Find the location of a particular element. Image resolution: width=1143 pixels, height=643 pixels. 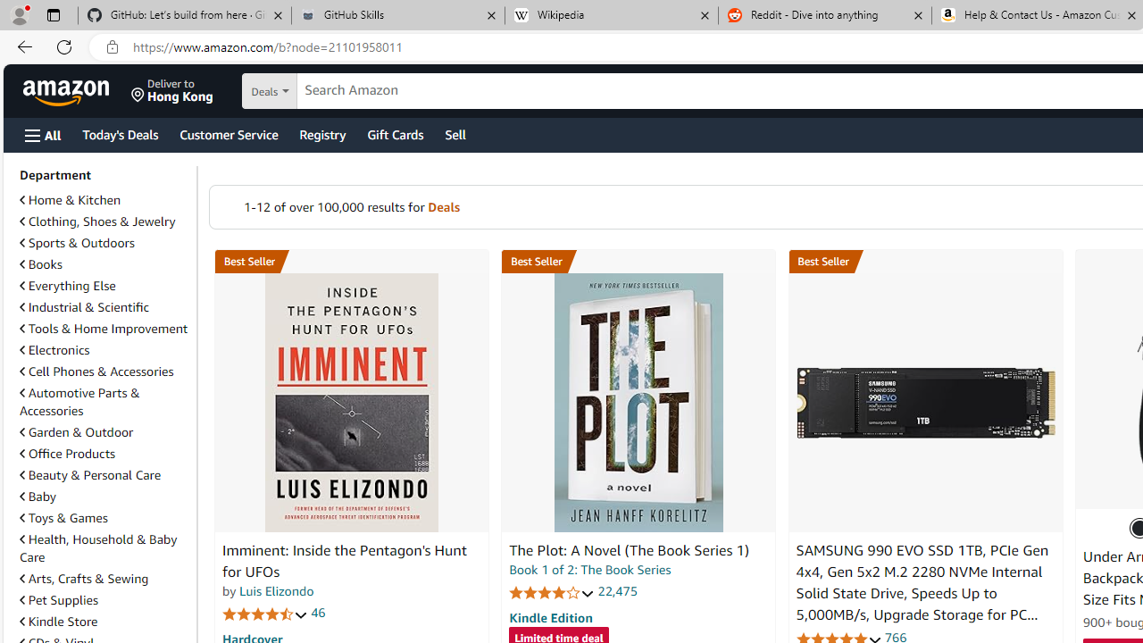

'Industrial & Scientific' is located at coordinates (104, 306).